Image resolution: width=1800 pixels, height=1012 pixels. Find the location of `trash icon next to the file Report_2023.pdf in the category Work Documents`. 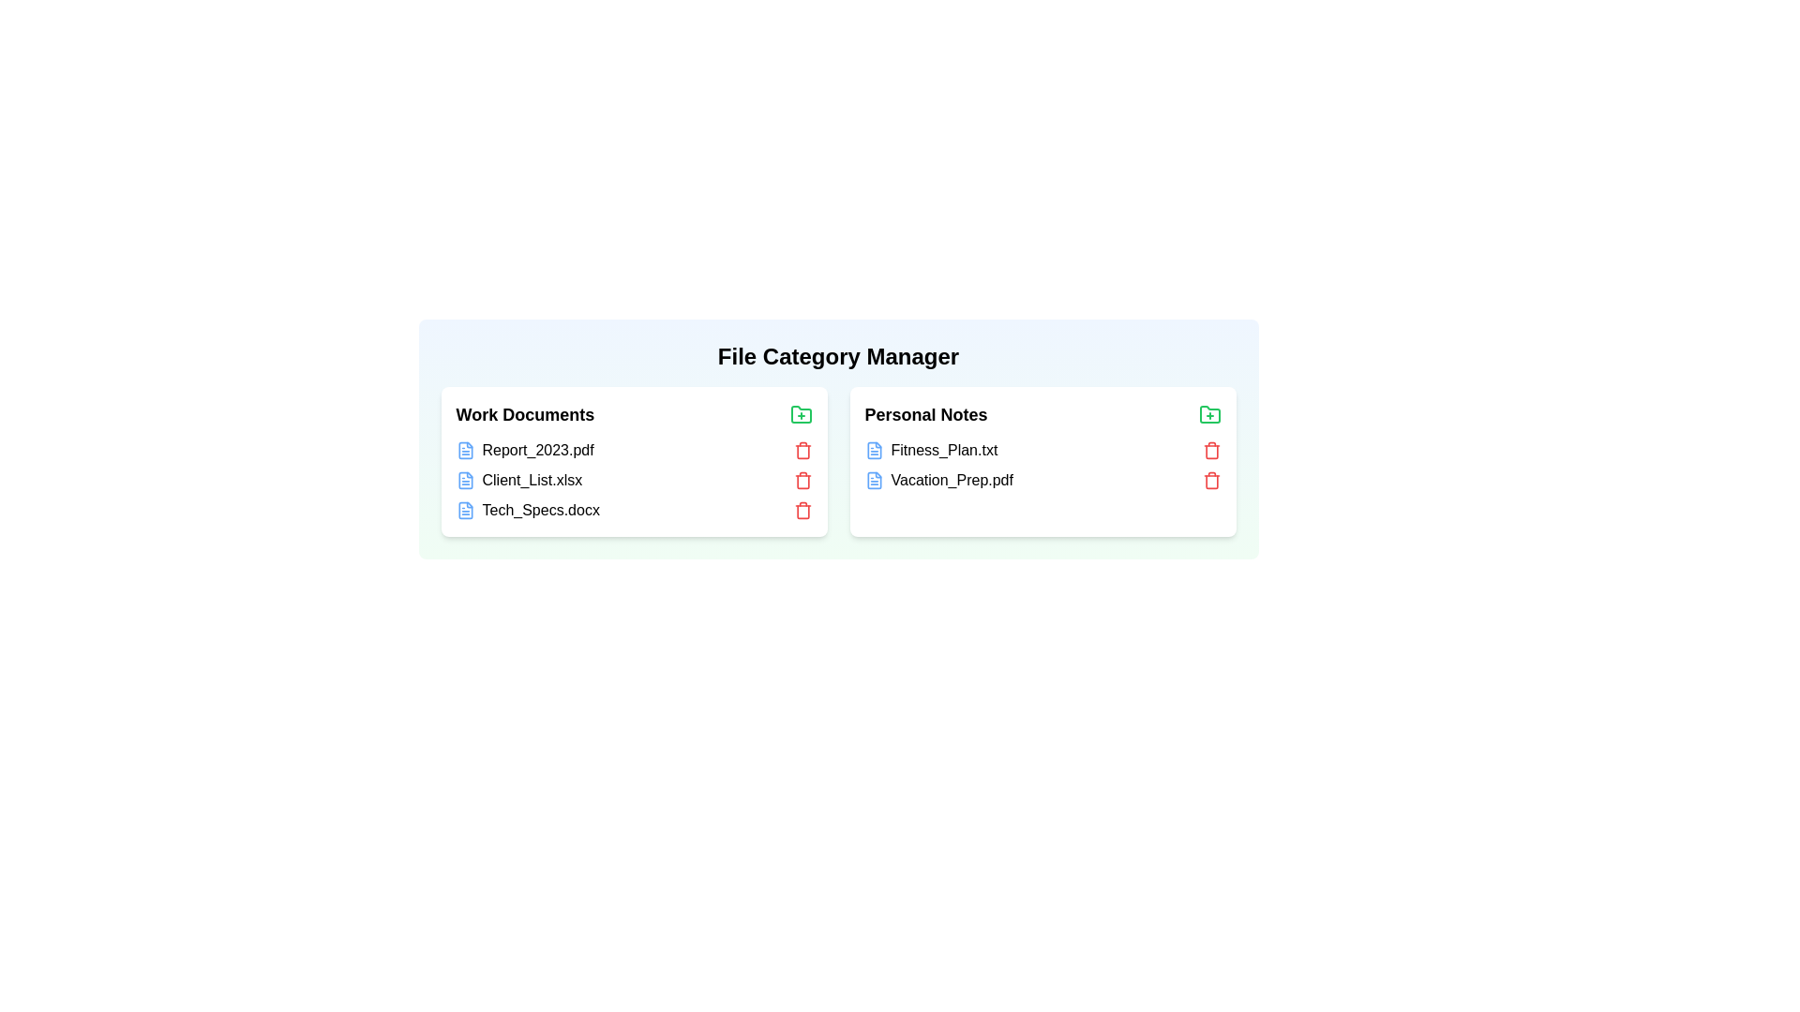

trash icon next to the file Report_2023.pdf in the category Work Documents is located at coordinates (802, 451).